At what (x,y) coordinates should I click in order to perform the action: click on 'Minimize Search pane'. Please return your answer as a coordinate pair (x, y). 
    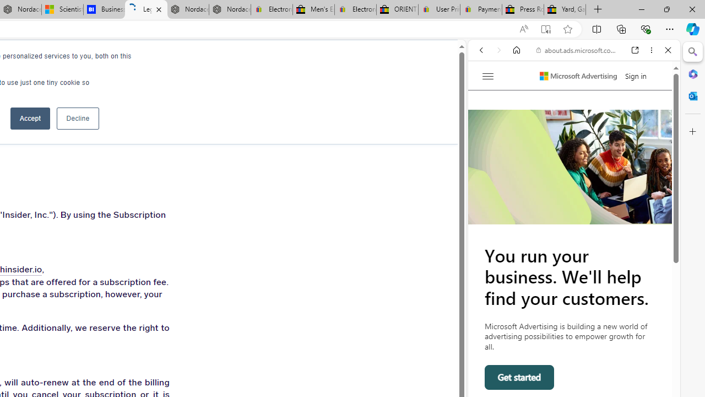
    Looking at the image, I should click on (692, 52).